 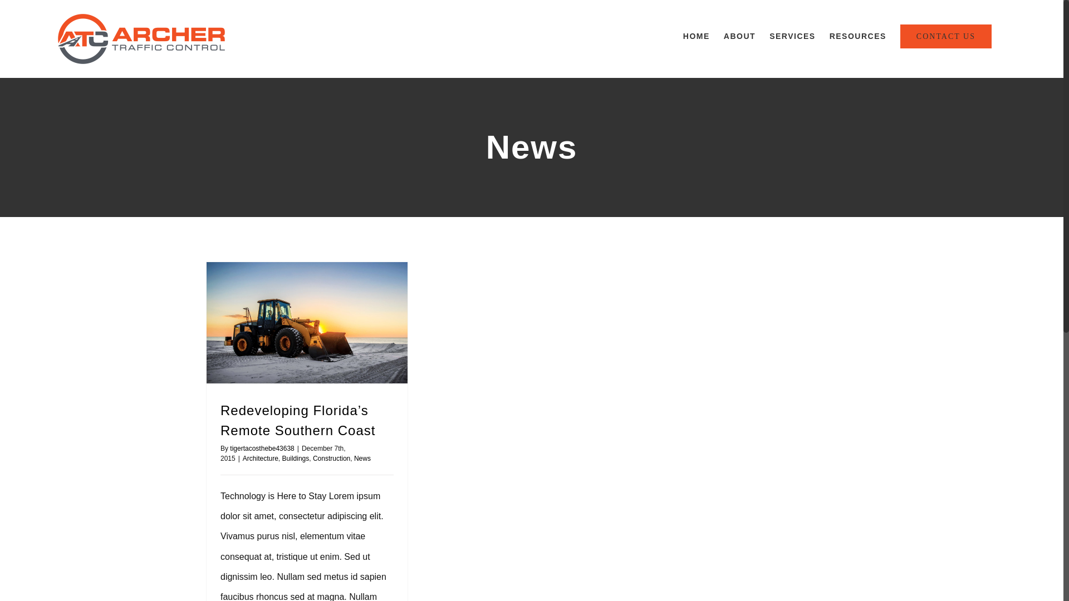 What do you see at coordinates (260, 459) in the screenshot?
I see `'Architecture'` at bounding box center [260, 459].